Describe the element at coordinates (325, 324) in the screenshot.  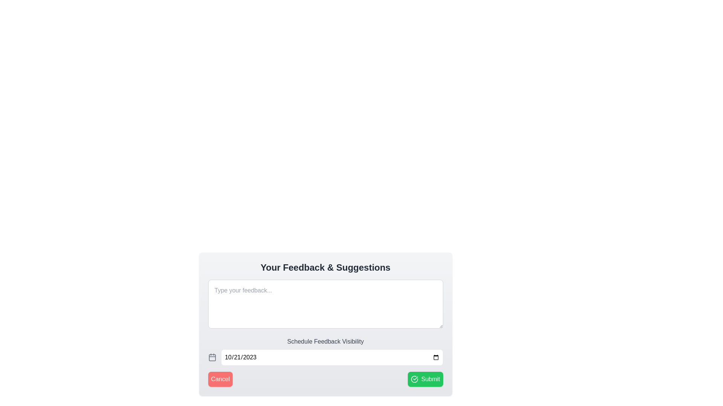
I see `the buttons within the interactive feedback submission form located beneath the title 'Your Feedback & Suggestions'` at that location.